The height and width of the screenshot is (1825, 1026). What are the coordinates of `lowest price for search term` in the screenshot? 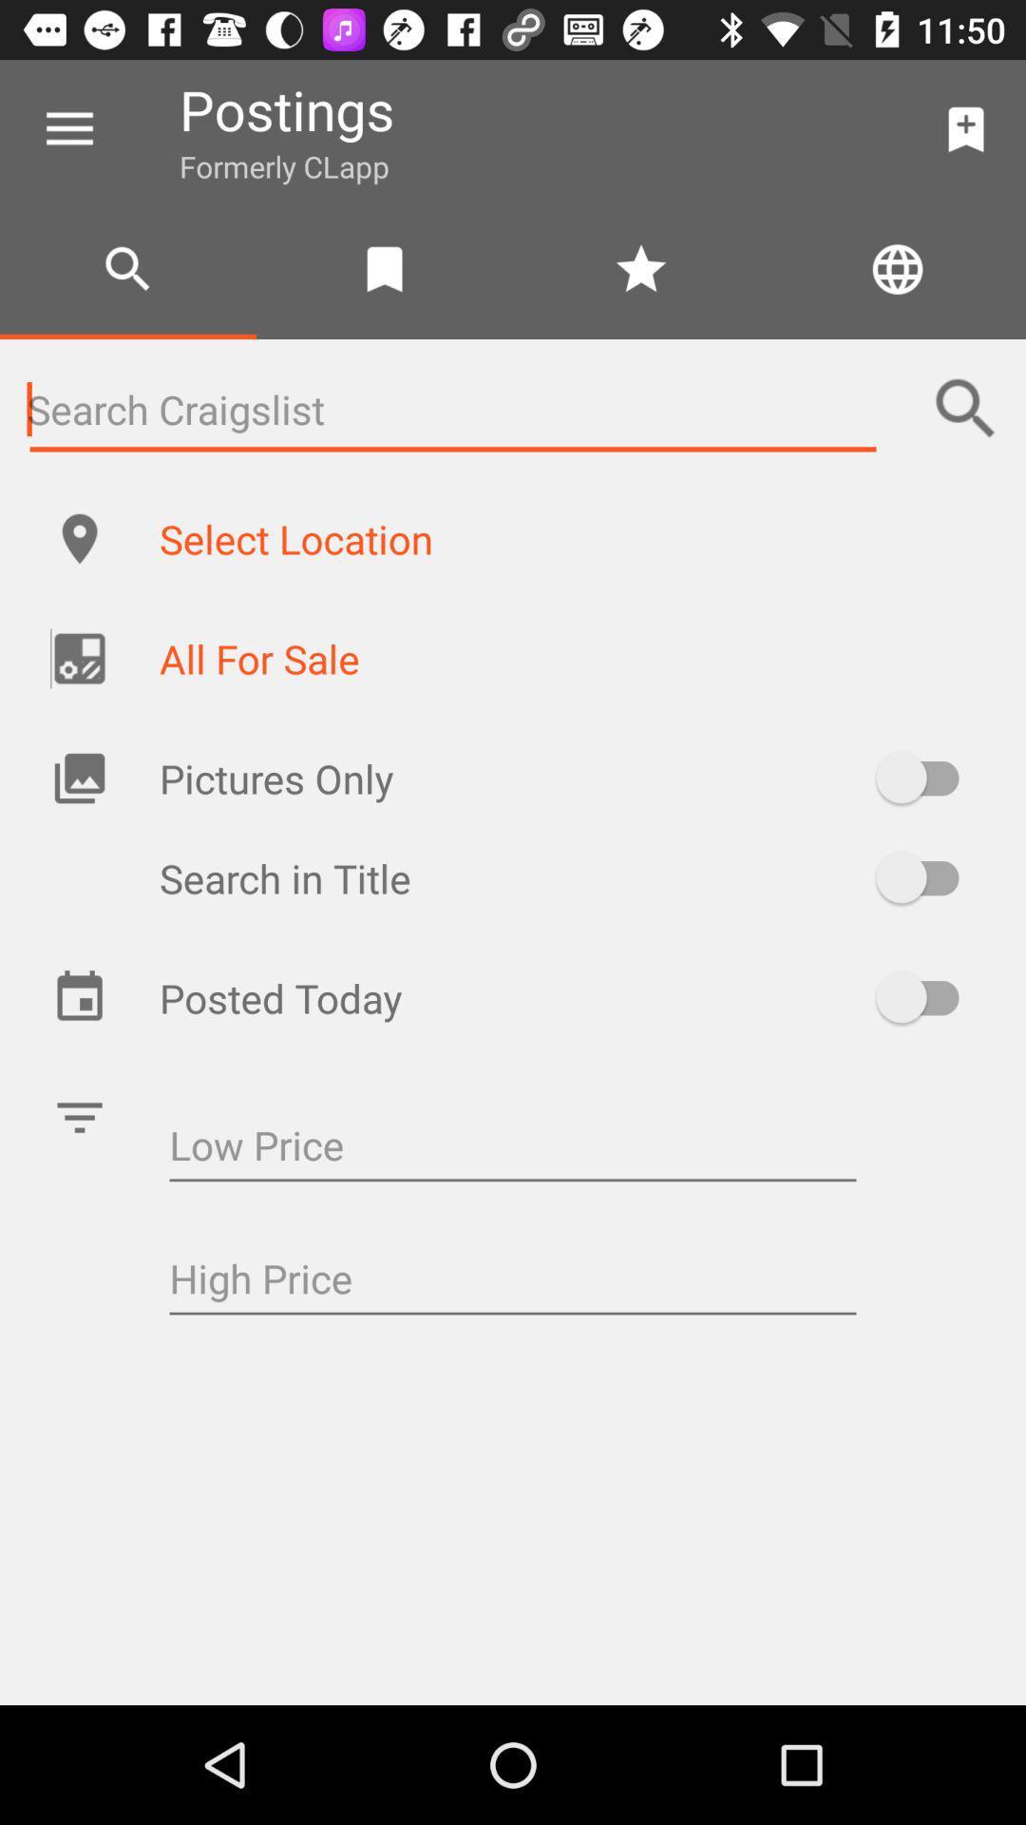 It's located at (513, 1146).